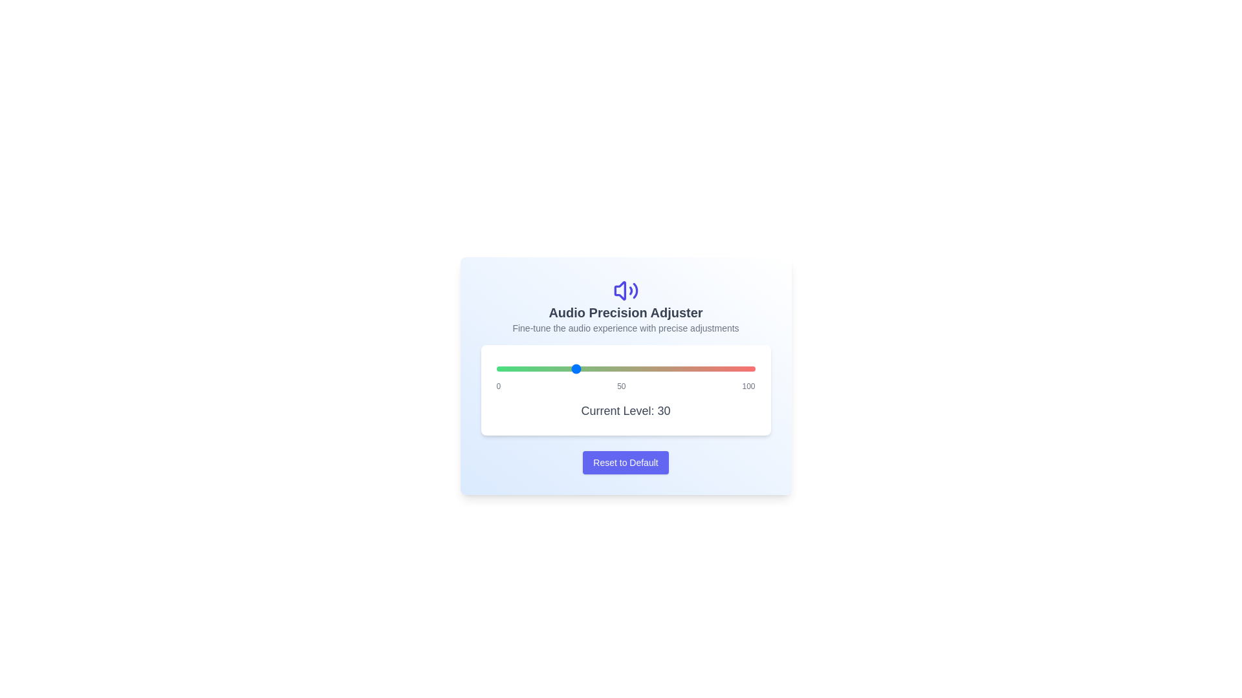 Image resolution: width=1242 pixels, height=698 pixels. I want to click on 'Reset to Default' button, so click(626, 462).